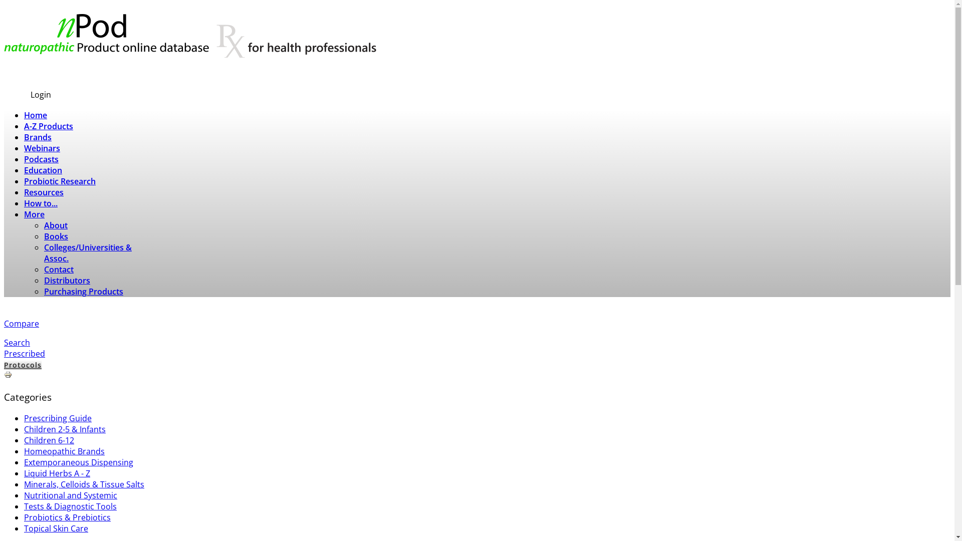  Describe the element at coordinates (78, 462) in the screenshot. I see `'Extemporaneous Dispensing'` at that location.